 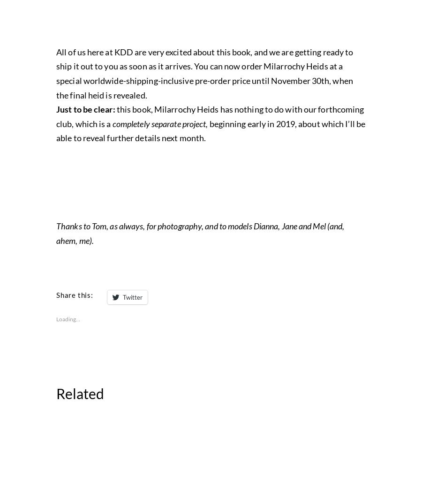 I want to click on 'beginning early in 2019, about which I’ll be able to reveal further details next month.', so click(x=211, y=337).